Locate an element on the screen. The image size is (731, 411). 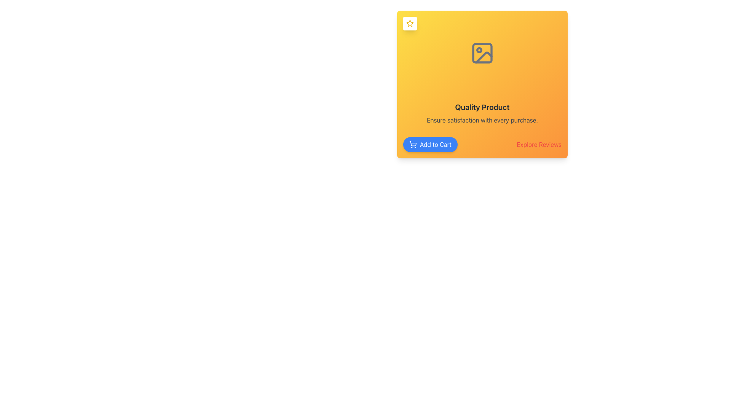
the centrally located Text Block that highlights product quality and assures customer satisfaction, positioned below an icon and above the 'Add to Cart' and 'Explore Reviews' buttons is located at coordinates (482, 113).